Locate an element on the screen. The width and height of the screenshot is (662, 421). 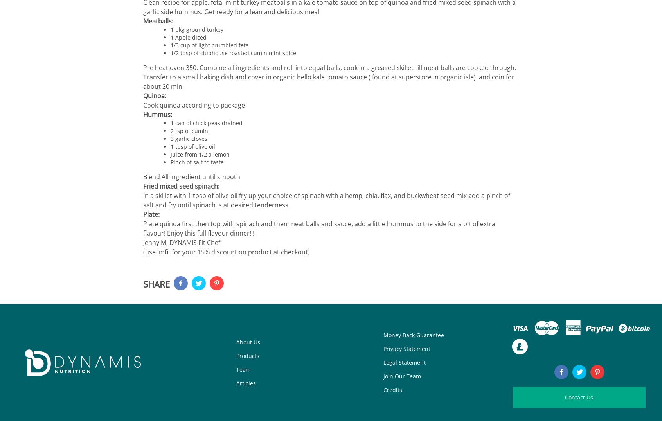
'3 garlic cloves' is located at coordinates (189, 139).